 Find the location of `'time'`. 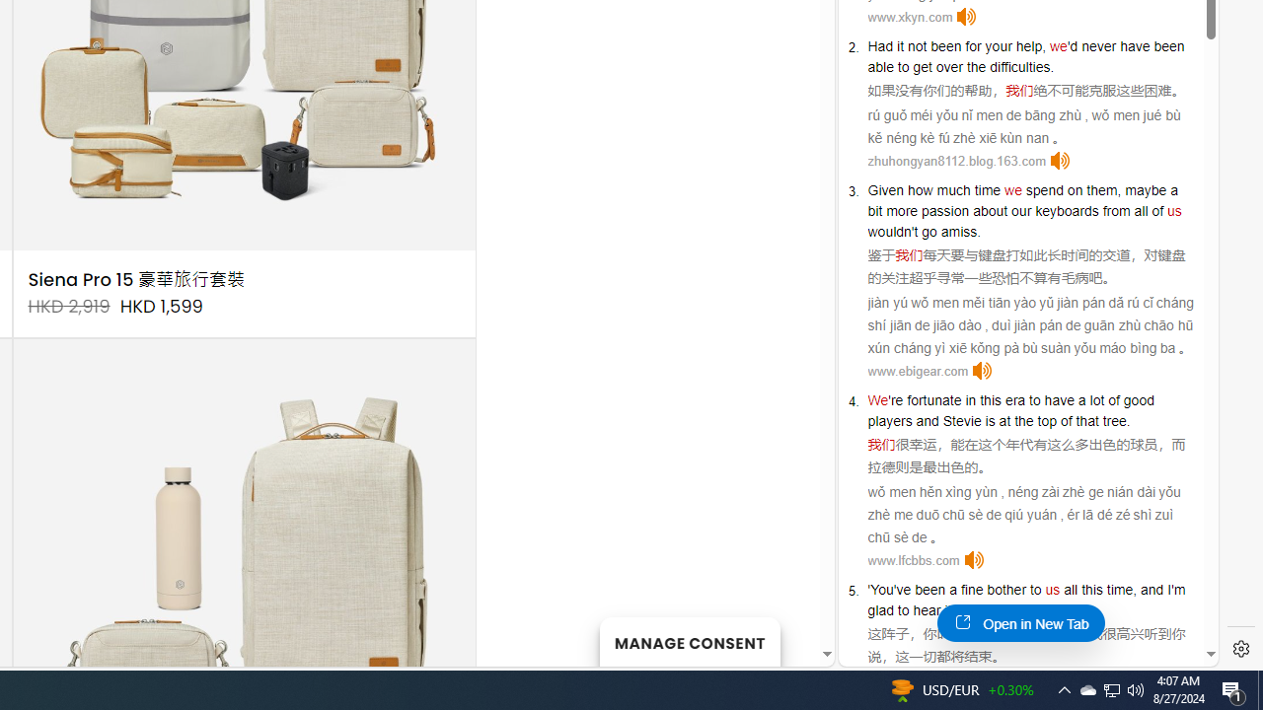

'time' is located at coordinates (987, 189).